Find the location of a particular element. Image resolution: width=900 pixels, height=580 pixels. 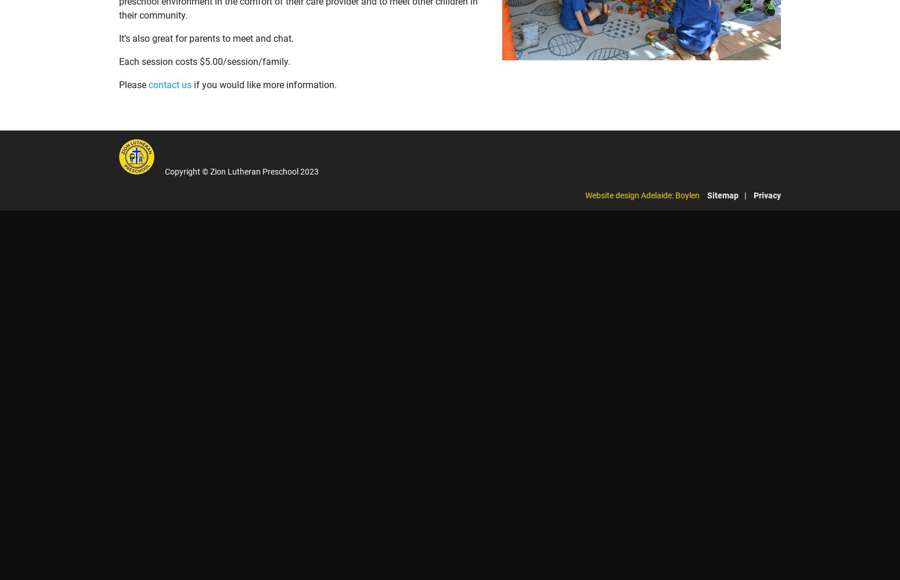

'Sitemap' is located at coordinates (707, 194).